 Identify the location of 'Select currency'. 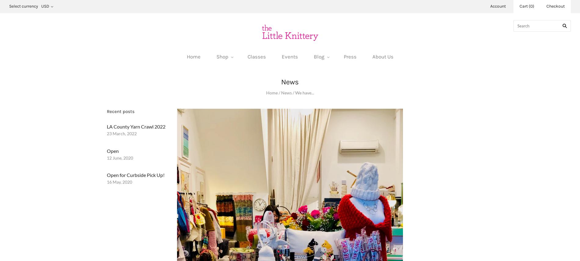
(24, 6).